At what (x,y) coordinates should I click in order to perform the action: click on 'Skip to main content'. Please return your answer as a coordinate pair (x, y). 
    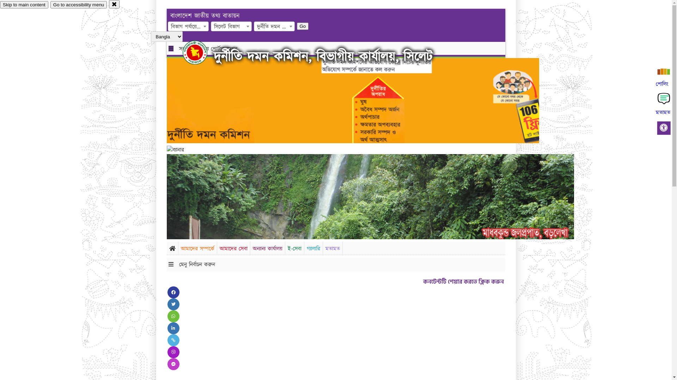
    Looking at the image, I should click on (24, 5).